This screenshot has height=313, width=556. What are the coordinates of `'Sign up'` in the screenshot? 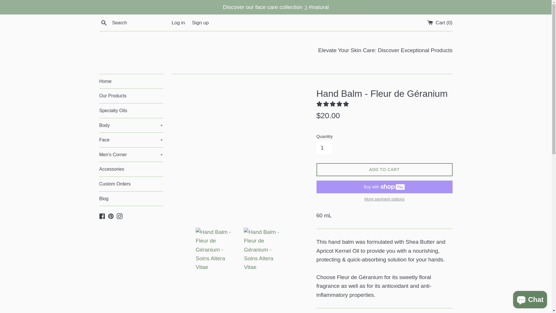 It's located at (200, 22).